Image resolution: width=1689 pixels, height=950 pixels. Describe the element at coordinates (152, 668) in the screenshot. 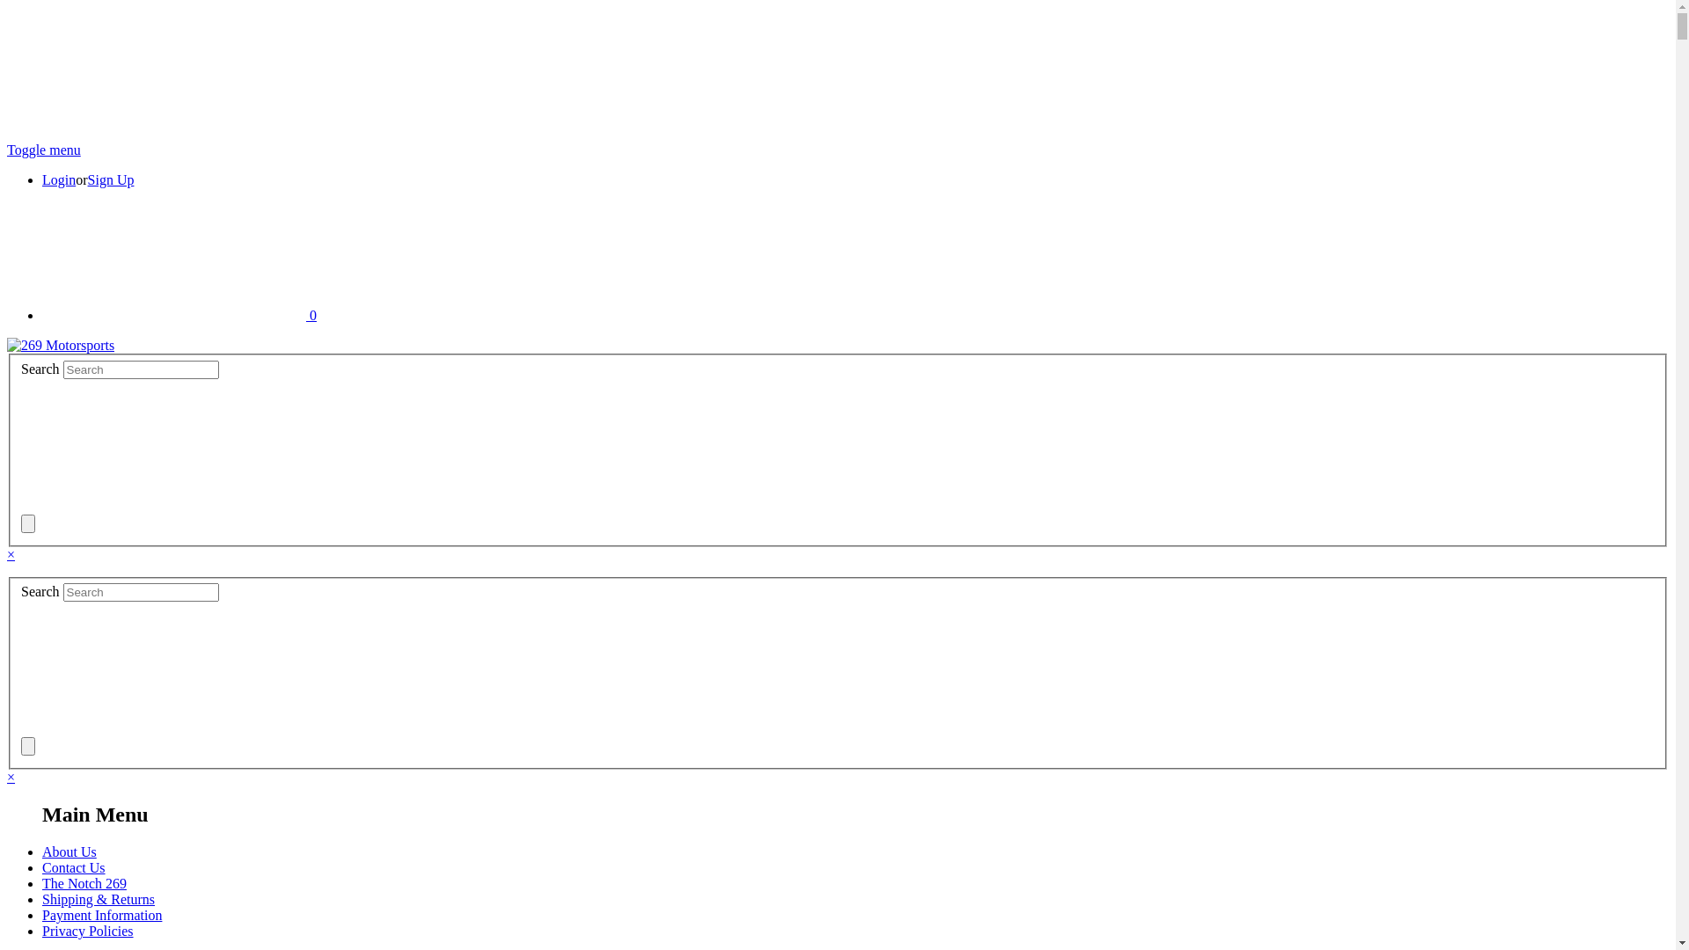

I see `'submit'` at that location.